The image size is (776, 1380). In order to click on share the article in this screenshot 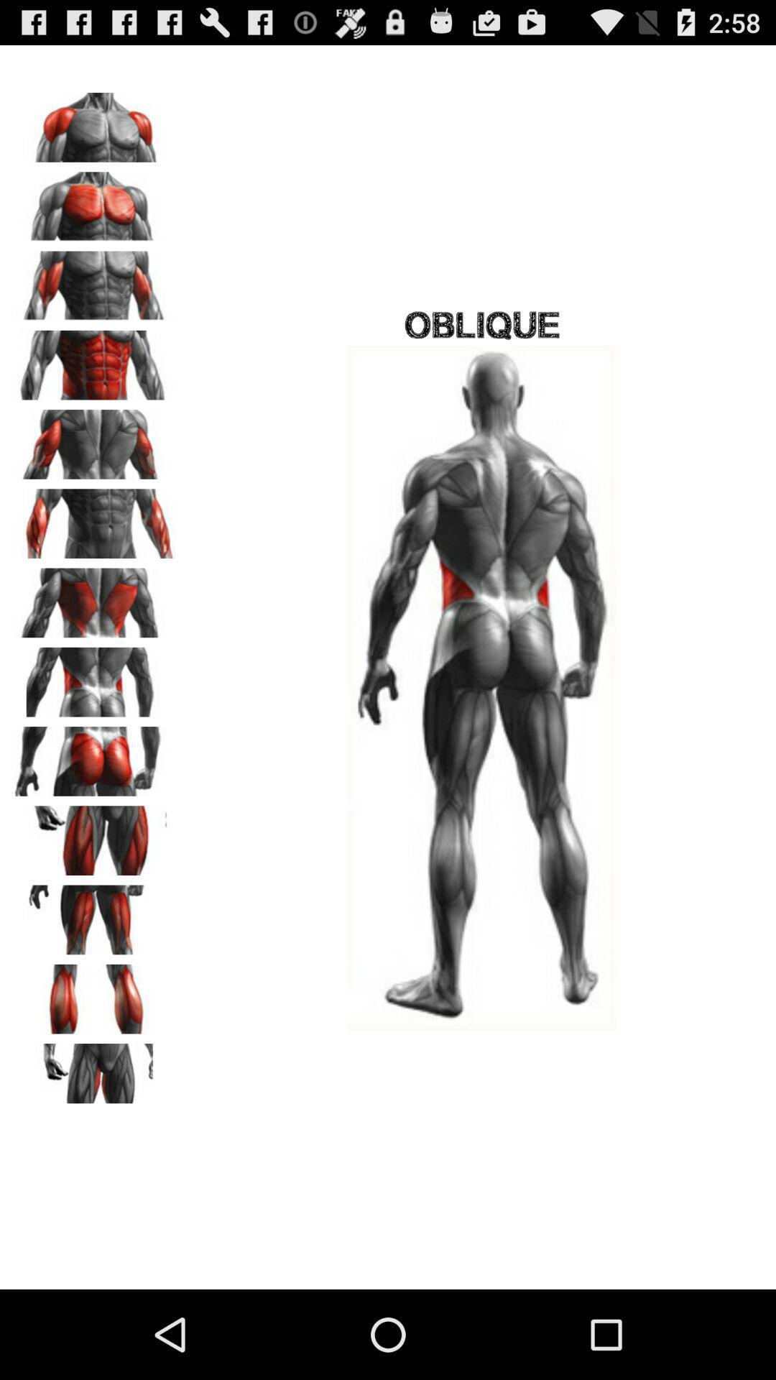, I will do `click(94, 835)`.